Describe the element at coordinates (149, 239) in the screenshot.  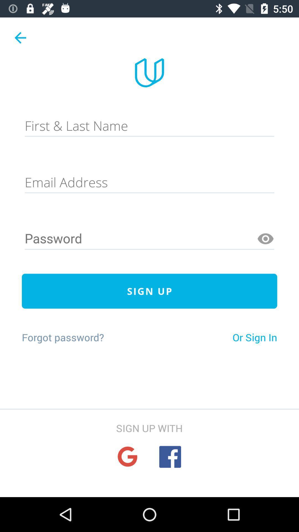
I see `item above sign up icon` at that location.